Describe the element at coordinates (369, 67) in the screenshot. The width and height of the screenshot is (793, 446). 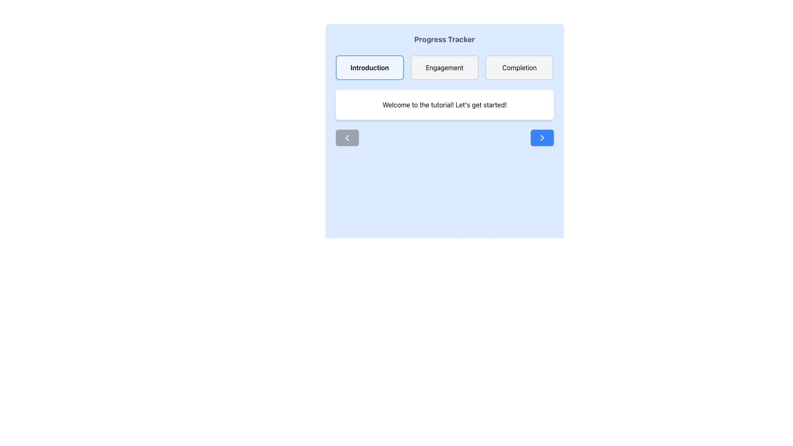
I see `the 'Introduction' text label in the 'Progress Tracker' section to identify the current position in the progress tracking interface` at that location.